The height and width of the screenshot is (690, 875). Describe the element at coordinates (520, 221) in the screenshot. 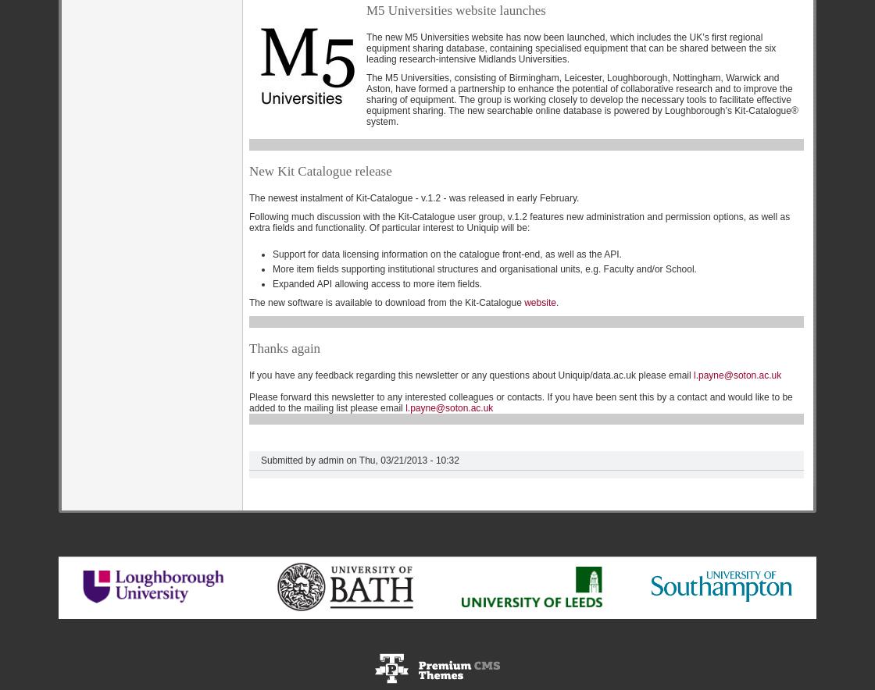

I see `'Following much discussion with the Kit-Catalogue user group, v.1.2 features new administration and permission options, as well as extra fields and functionality. Of particular interest to Uniquip will be:'` at that location.